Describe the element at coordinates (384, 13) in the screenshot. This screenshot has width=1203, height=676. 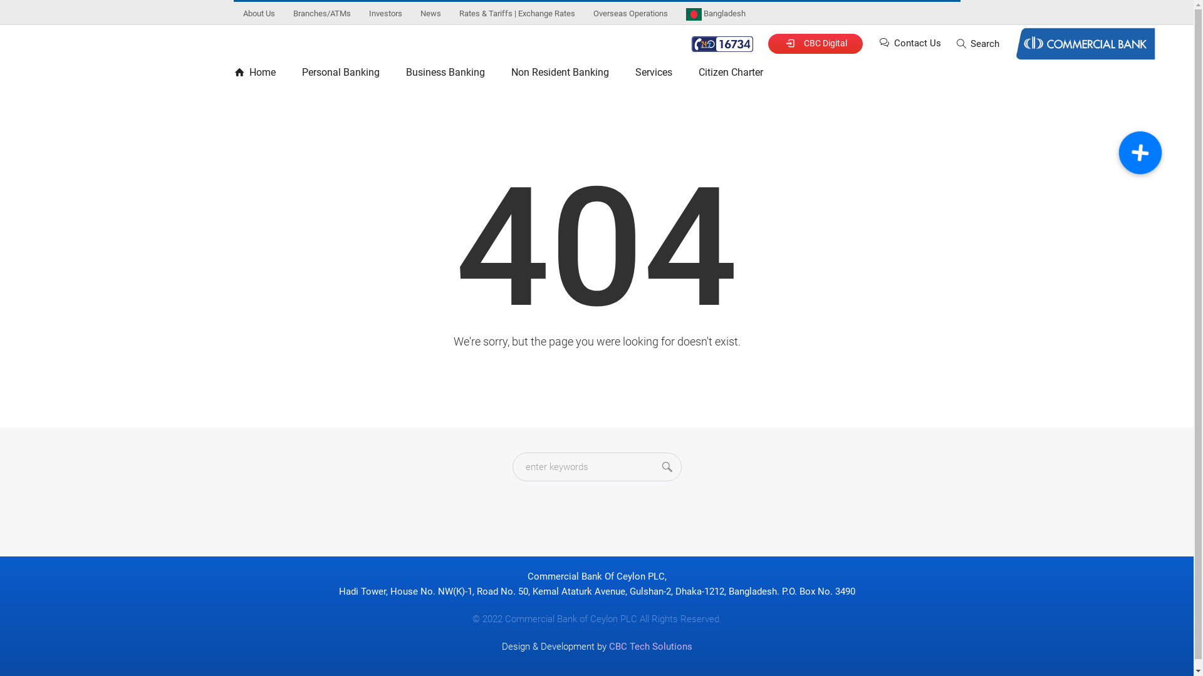
I see `'Investors'` at that location.